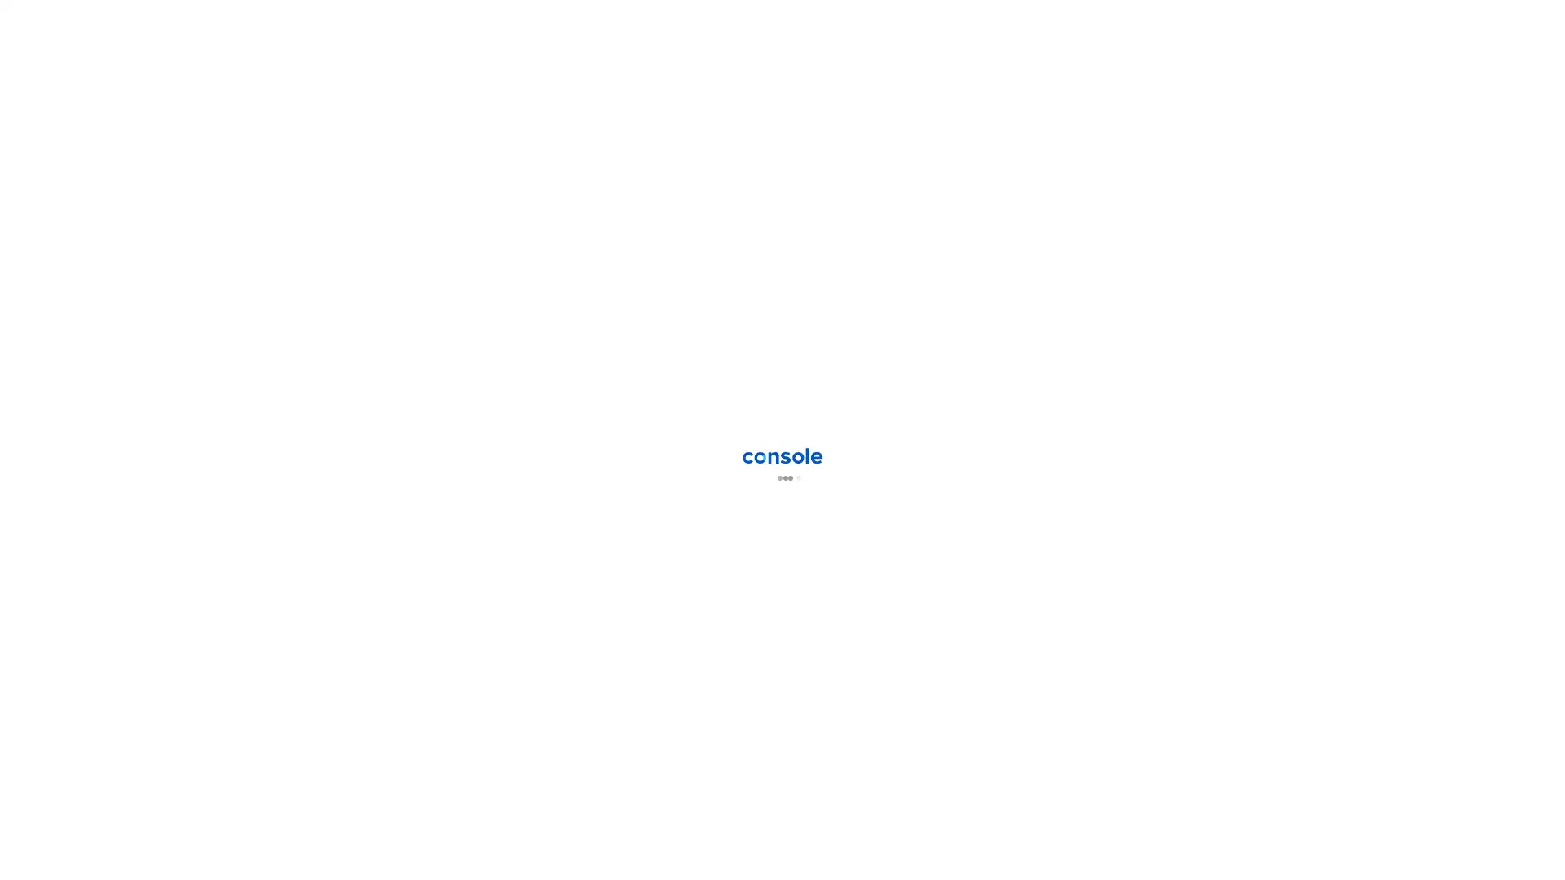  Describe the element at coordinates (875, 389) in the screenshot. I see `LOGIN WITH KITE` at that location.